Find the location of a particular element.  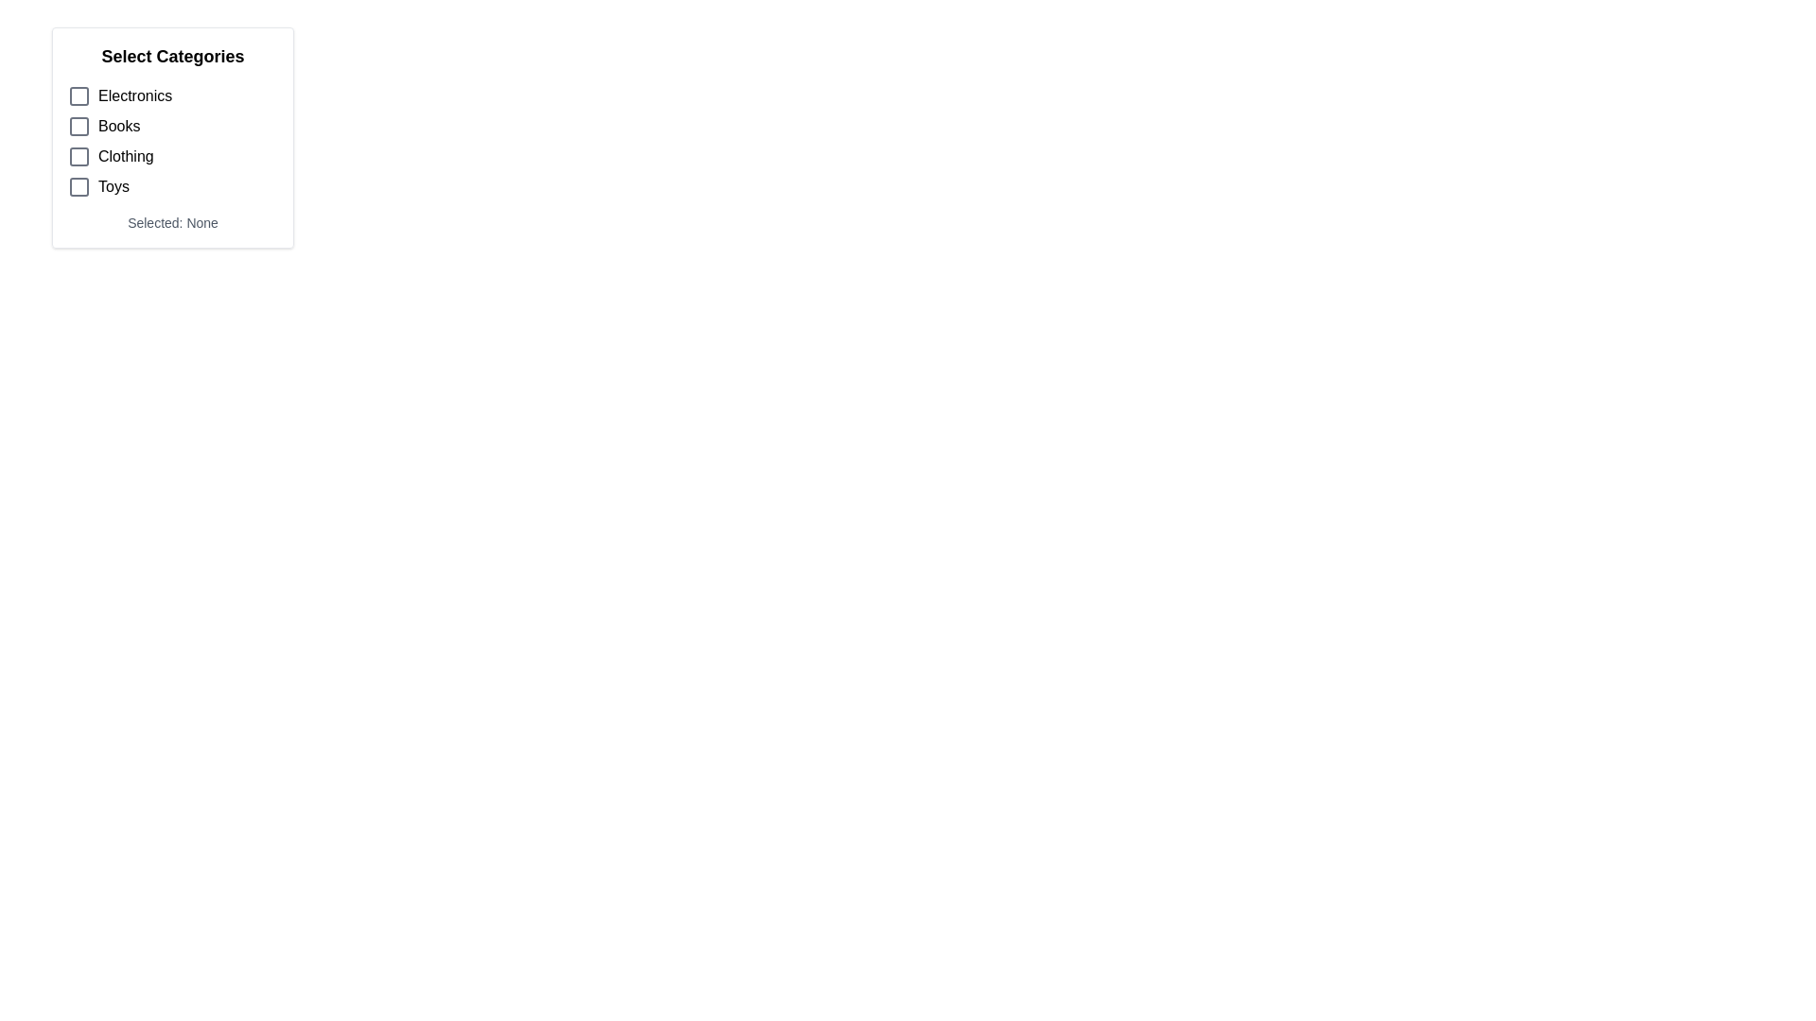

the 'Toys.' text label located in the last row of the options list, positioned to the right of the associated checkbox, to trigger any potential tooltip or highlight is located at coordinates (113, 186).